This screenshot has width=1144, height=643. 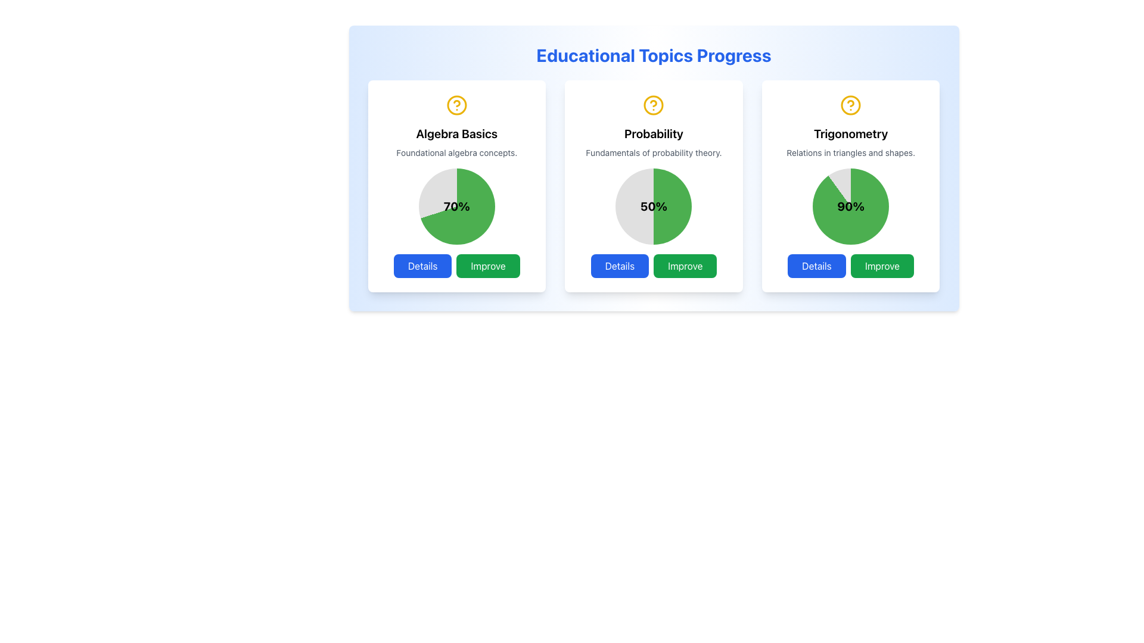 I want to click on the informational icon, a circular yellow-outlined icon with a question mark, located at the top-center of the 'Trigonometry' card, so click(x=850, y=105).